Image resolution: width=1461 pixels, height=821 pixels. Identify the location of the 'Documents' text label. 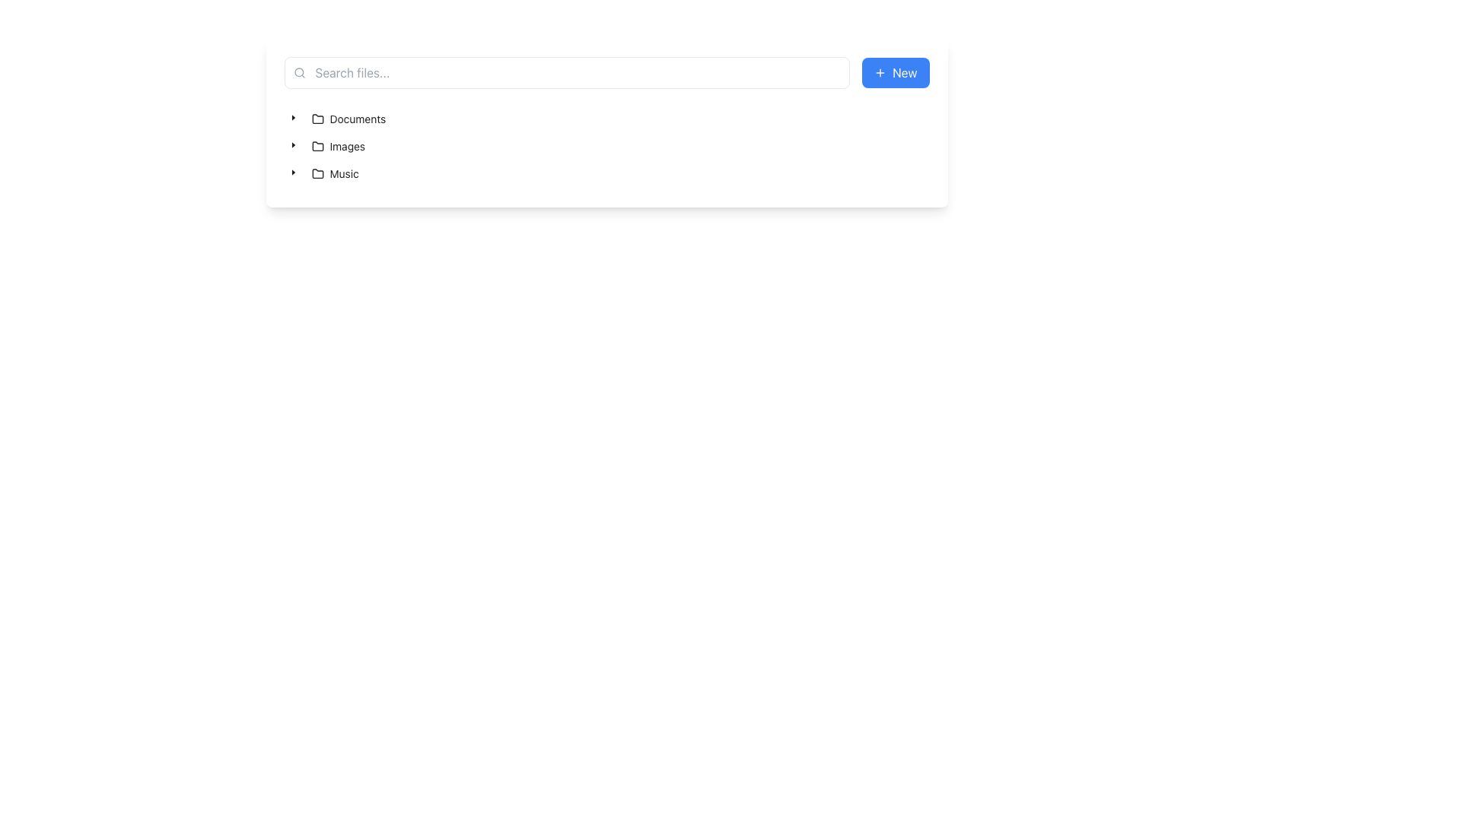
(357, 119).